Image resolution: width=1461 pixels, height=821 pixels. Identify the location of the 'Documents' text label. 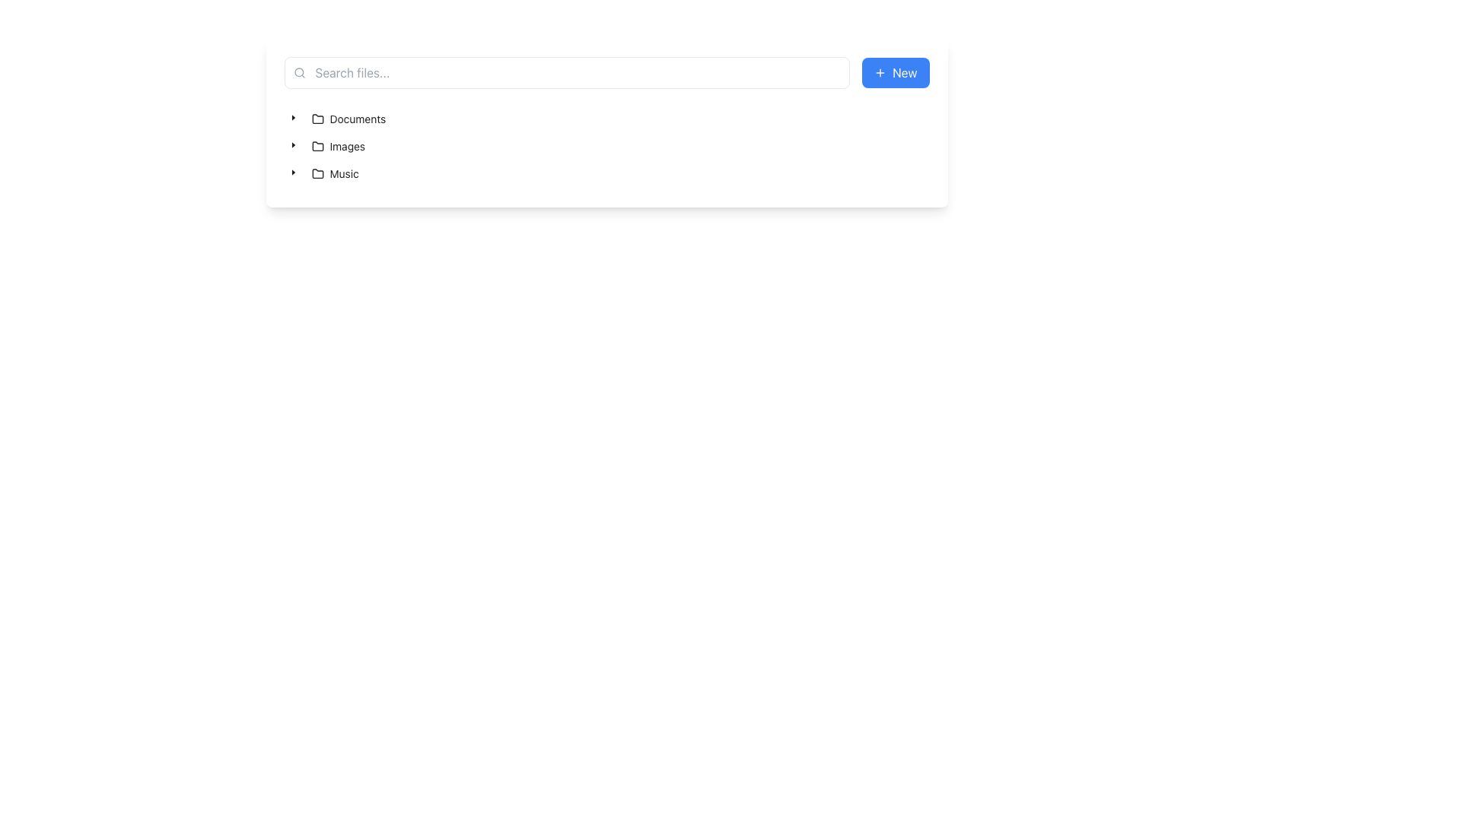
(357, 119).